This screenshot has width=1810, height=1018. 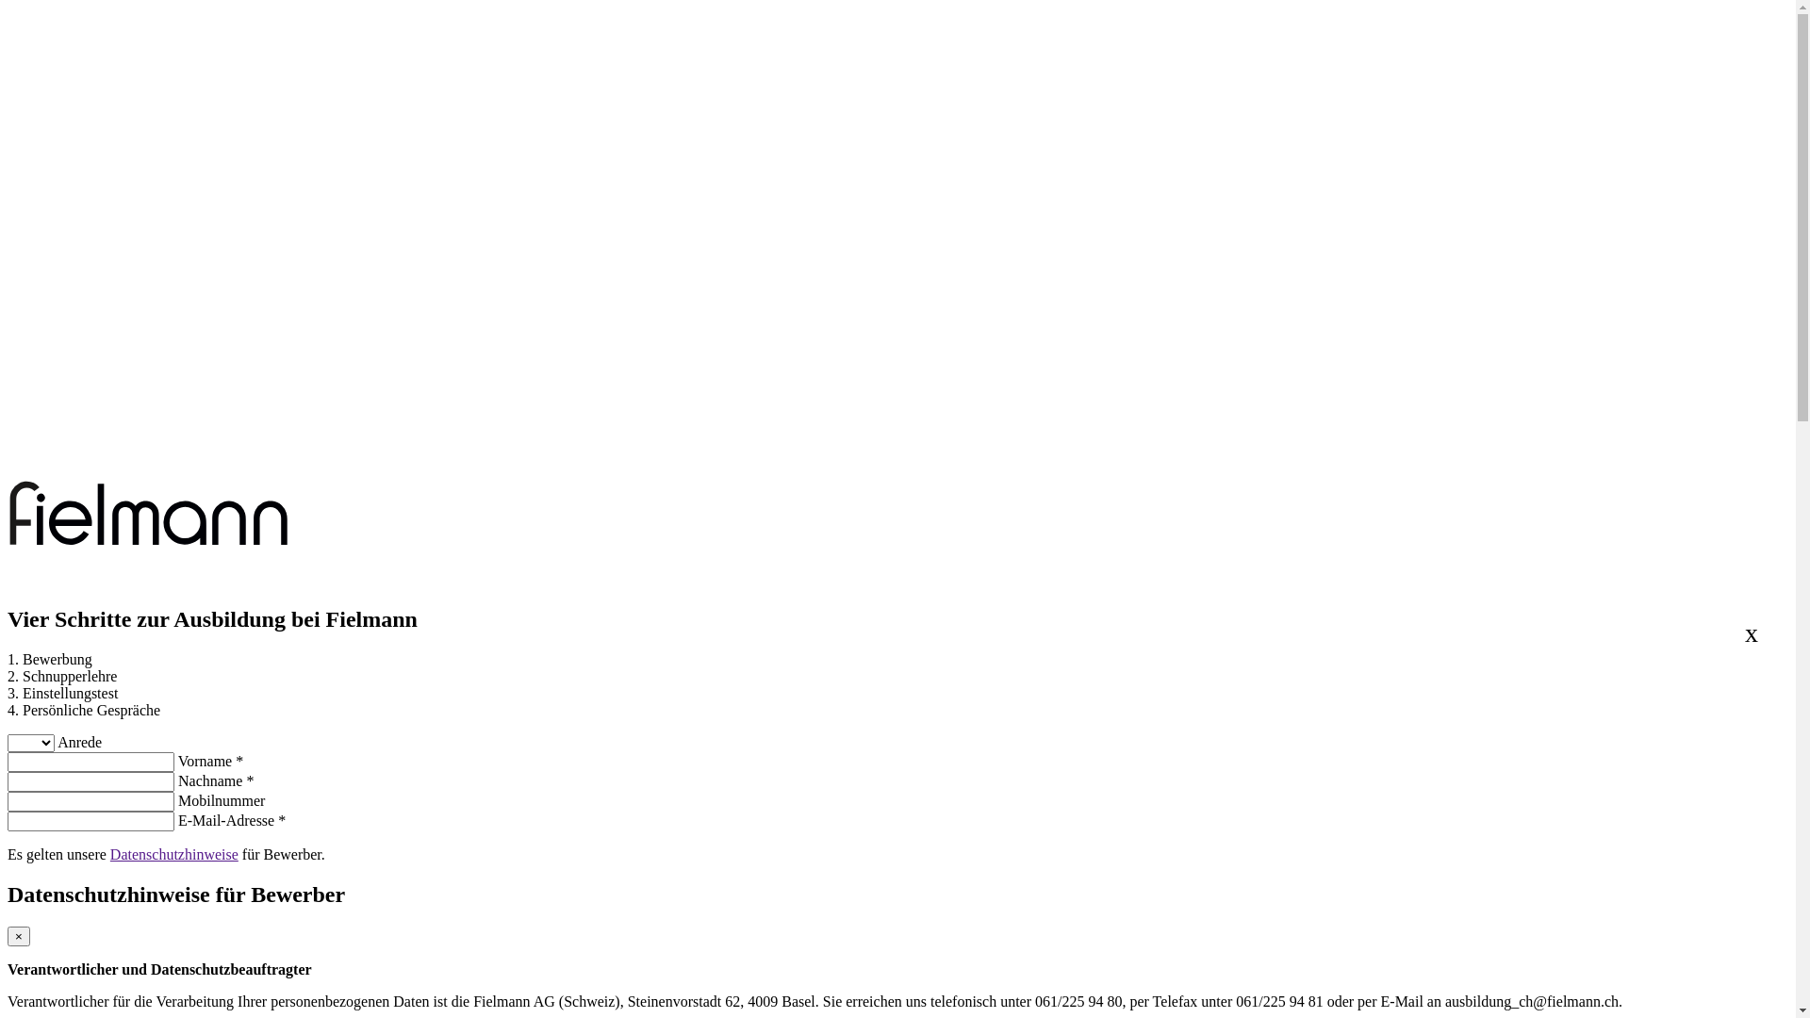 What do you see at coordinates (174, 854) in the screenshot?
I see `'Datenschutzhinweise'` at bounding box center [174, 854].